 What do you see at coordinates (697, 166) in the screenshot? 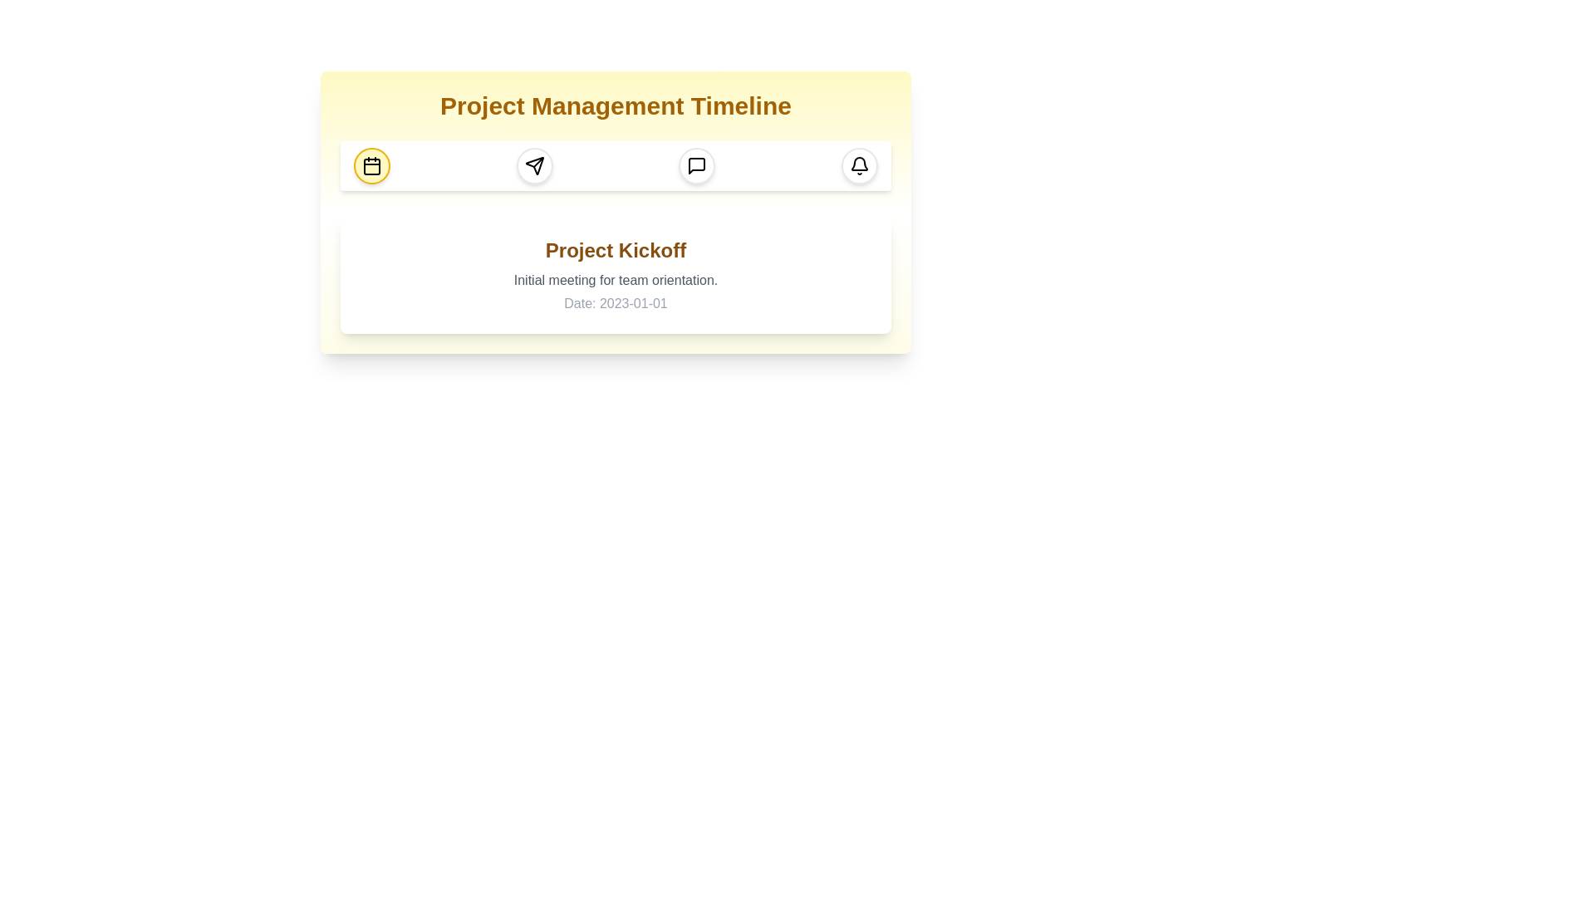
I see `the third button from the left in the horizontal row of circular action buttons at the top of the 'Project Management Timeline' card` at bounding box center [697, 166].